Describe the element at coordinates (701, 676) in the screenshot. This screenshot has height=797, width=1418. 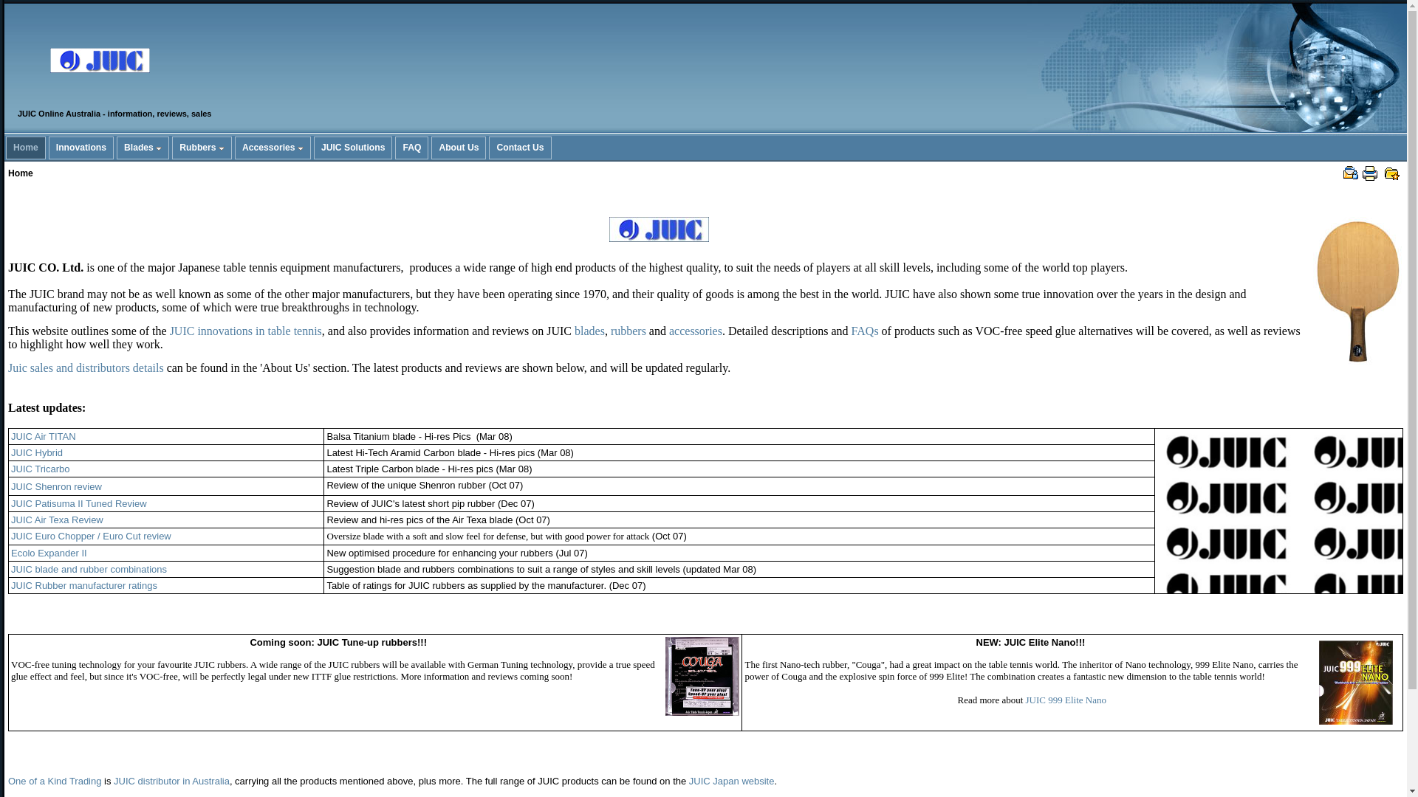
I see `'JUIC Couga Tune-up'` at that location.